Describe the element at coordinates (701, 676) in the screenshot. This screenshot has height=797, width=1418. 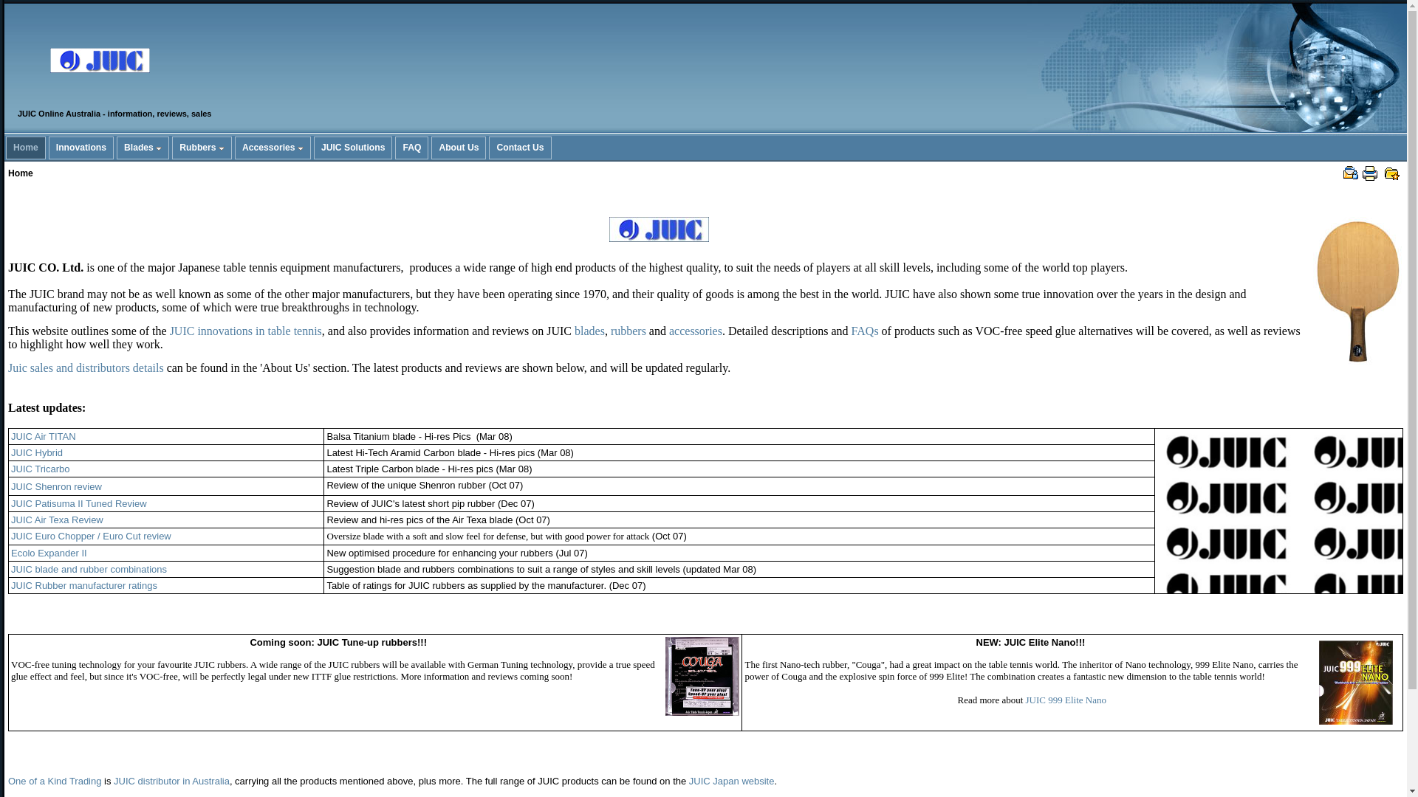
I see `'JUIC Couga Tune-up'` at that location.